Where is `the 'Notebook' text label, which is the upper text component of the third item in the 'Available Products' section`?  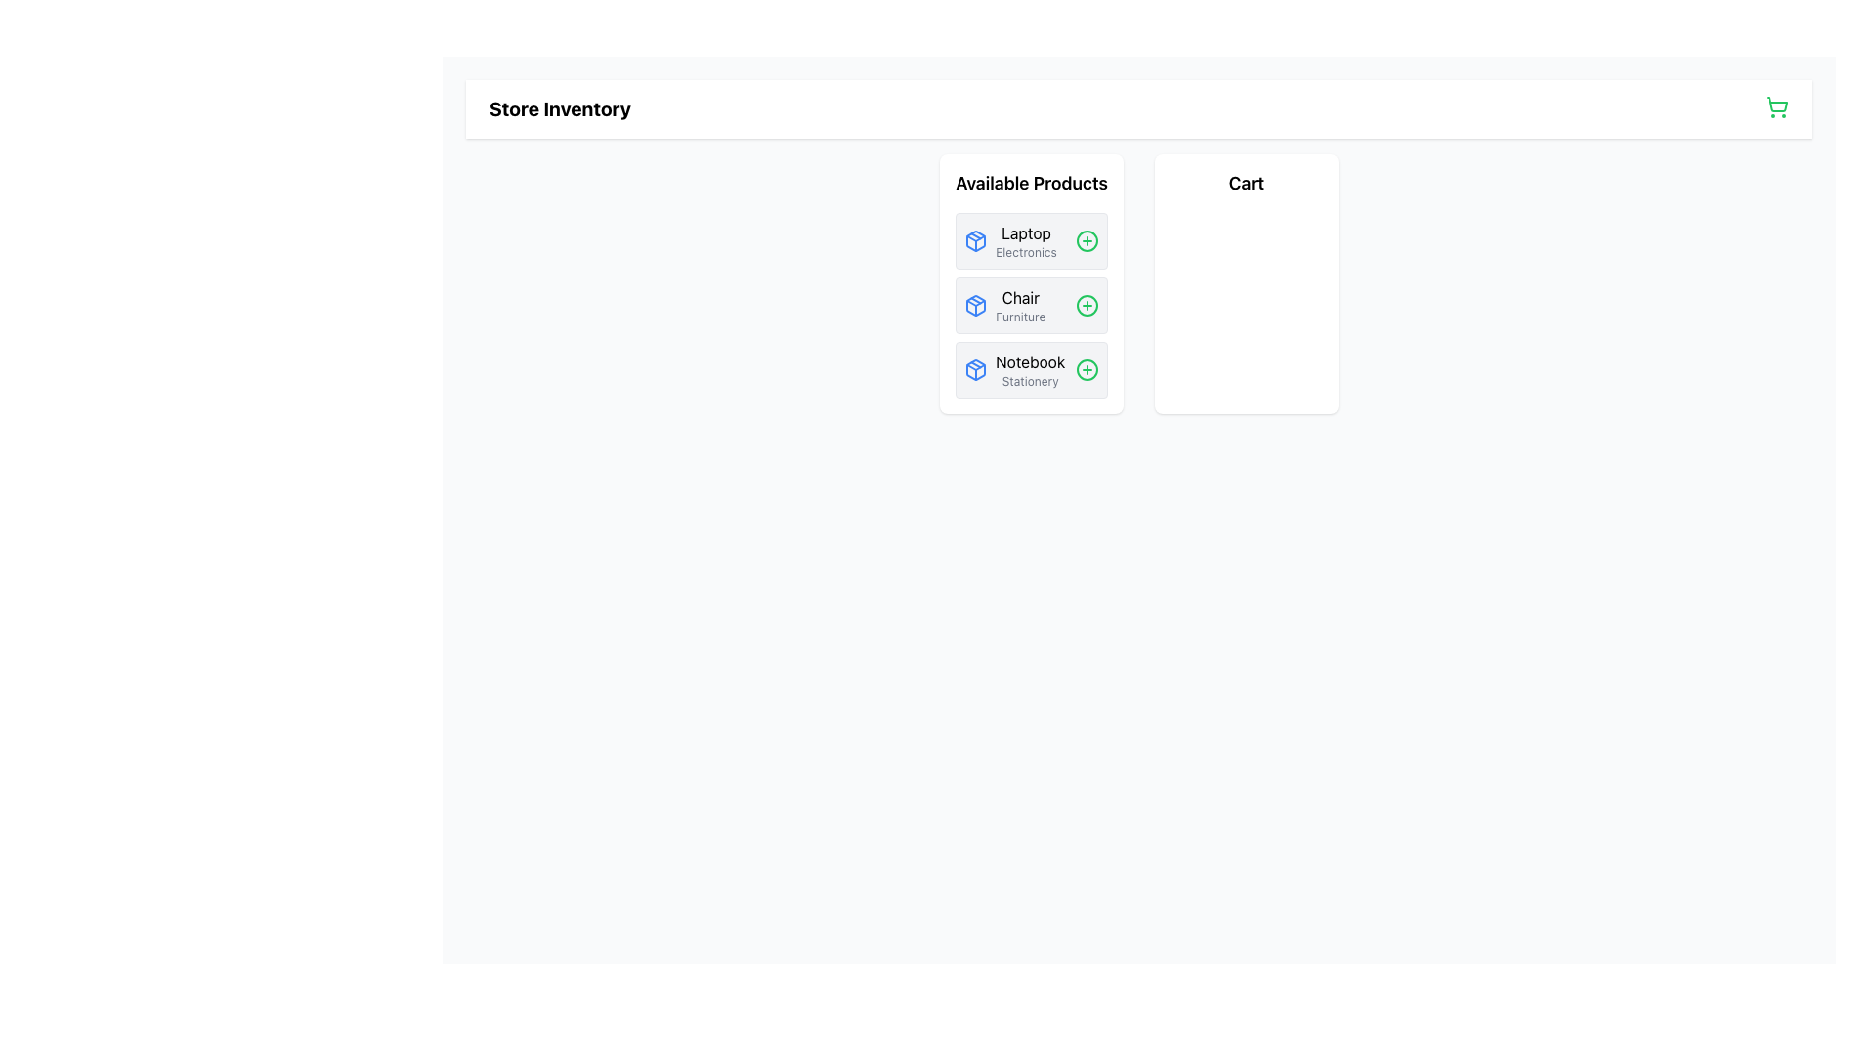 the 'Notebook' text label, which is the upper text component of the third item in the 'Available Products' section is located at coordinates (1029, 361).